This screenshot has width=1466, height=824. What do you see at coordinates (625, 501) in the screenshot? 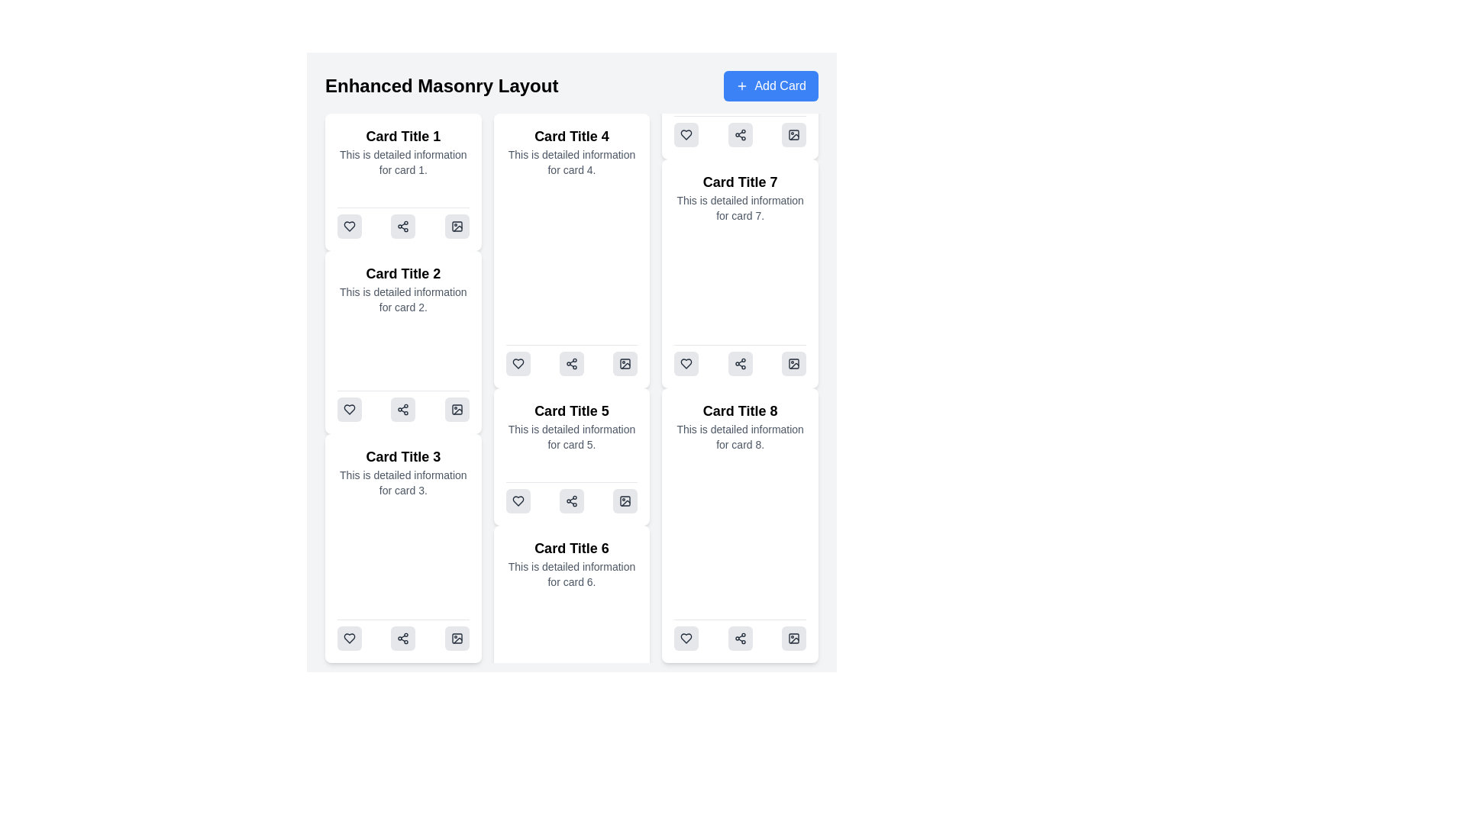
I see `the image action icon located in the lower-right corner of 'Card Title 5', which is the third icon in the row of icons at the bottom of the card` at bounding box center [625, 501].